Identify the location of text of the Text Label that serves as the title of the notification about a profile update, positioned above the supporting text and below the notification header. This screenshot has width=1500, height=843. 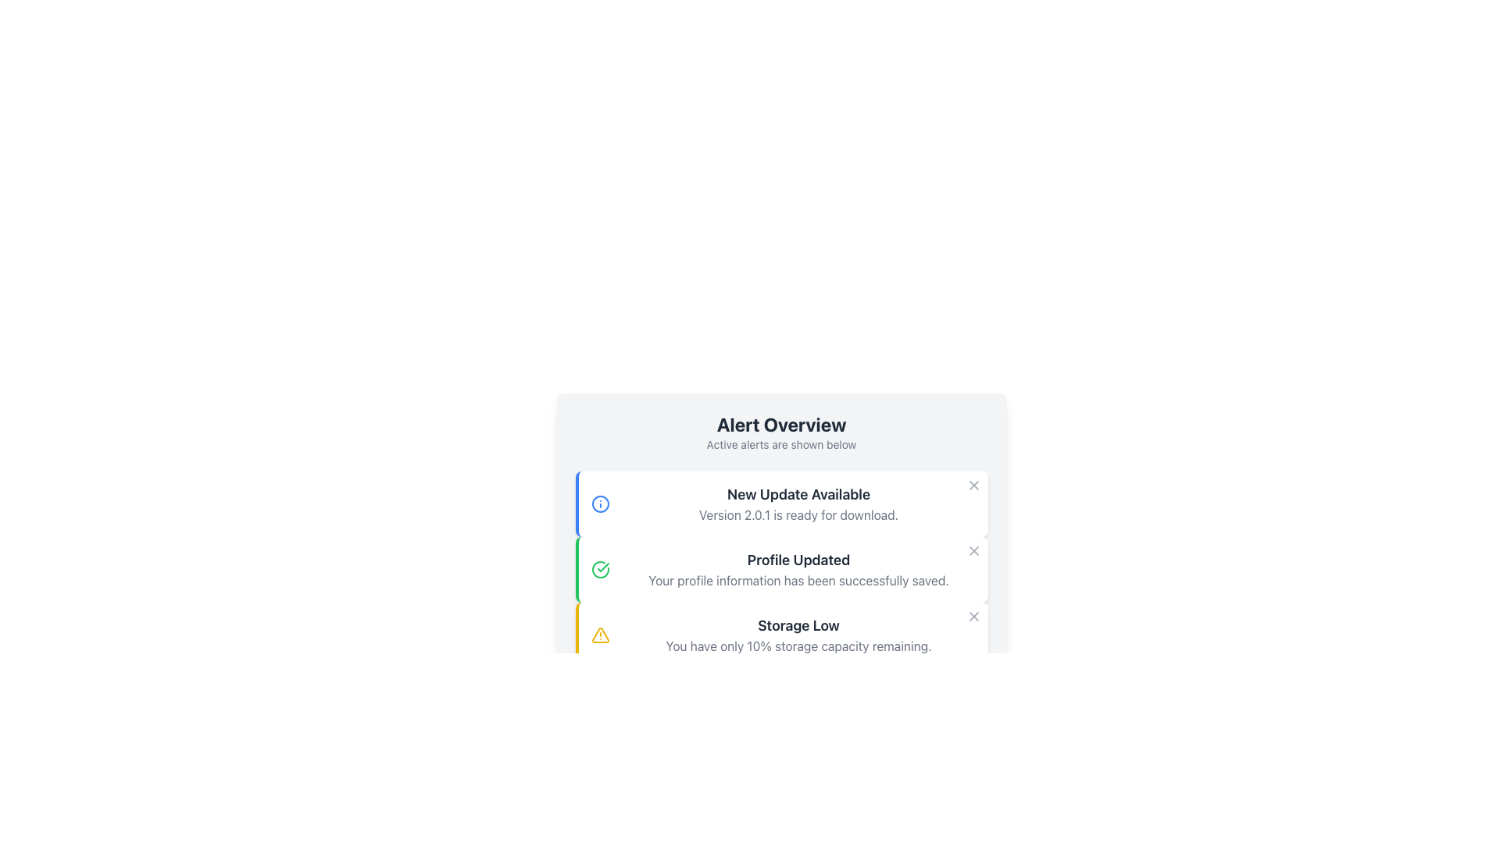
(798, 559).